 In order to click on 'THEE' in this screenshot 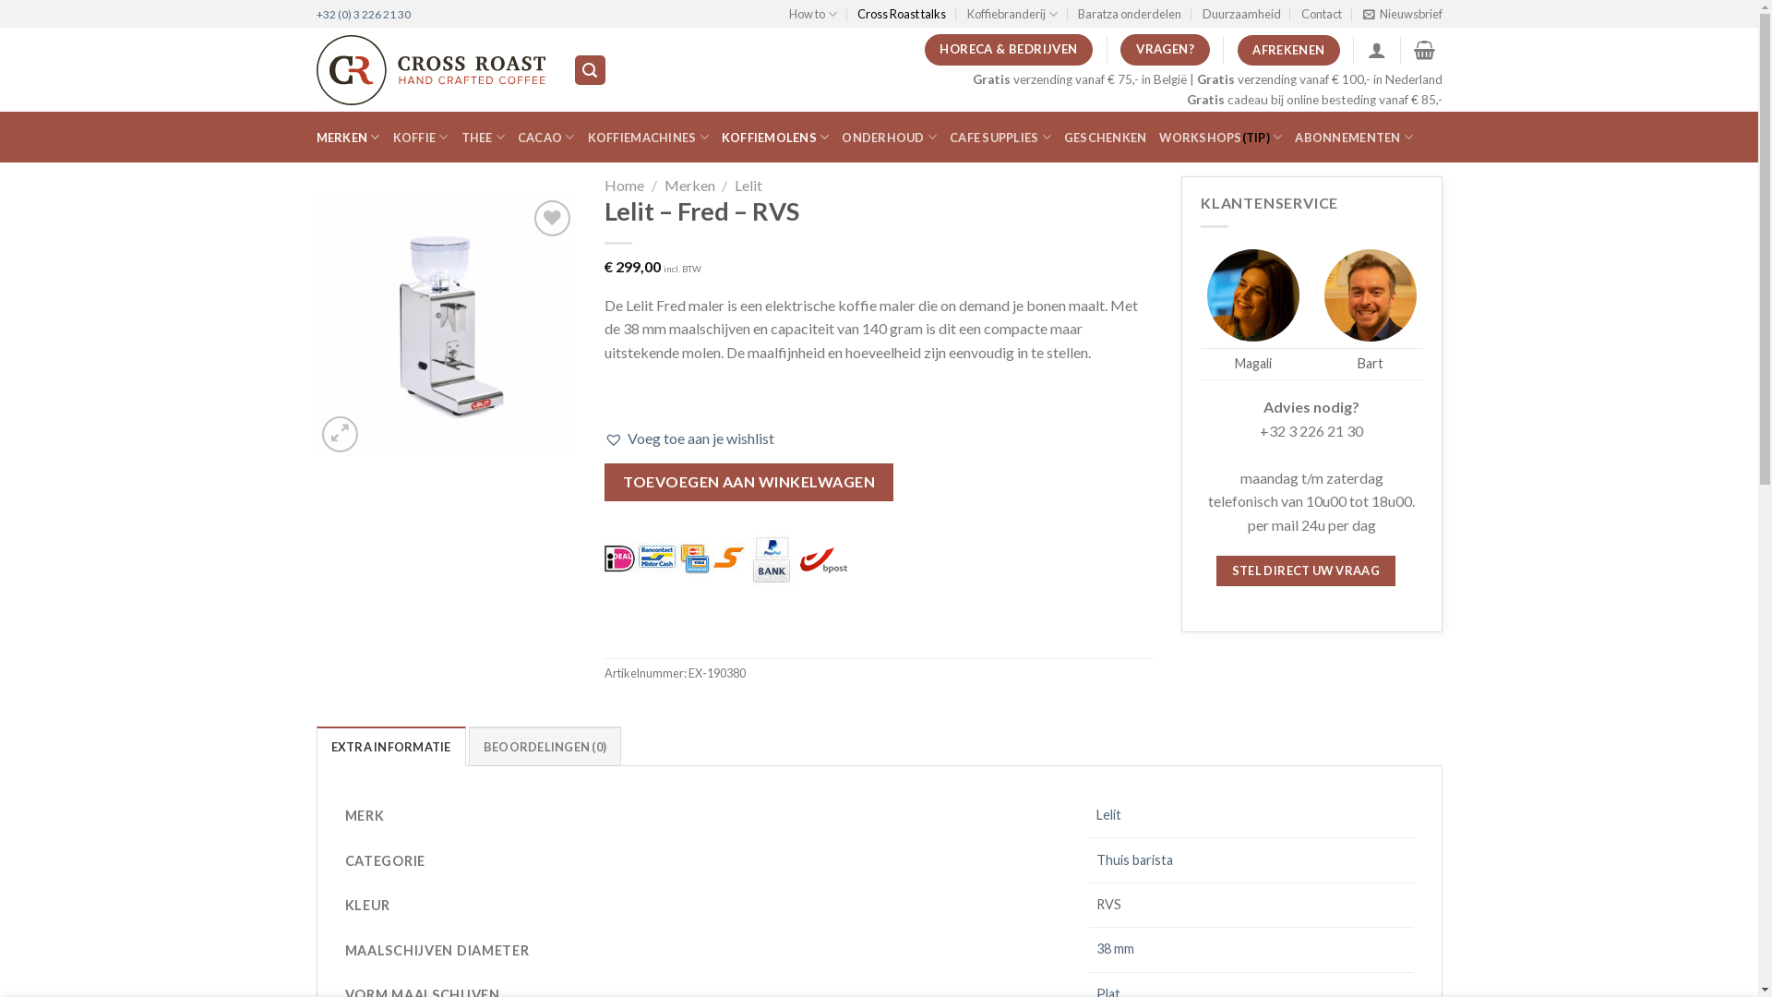, I will do `click(483, 137)`.